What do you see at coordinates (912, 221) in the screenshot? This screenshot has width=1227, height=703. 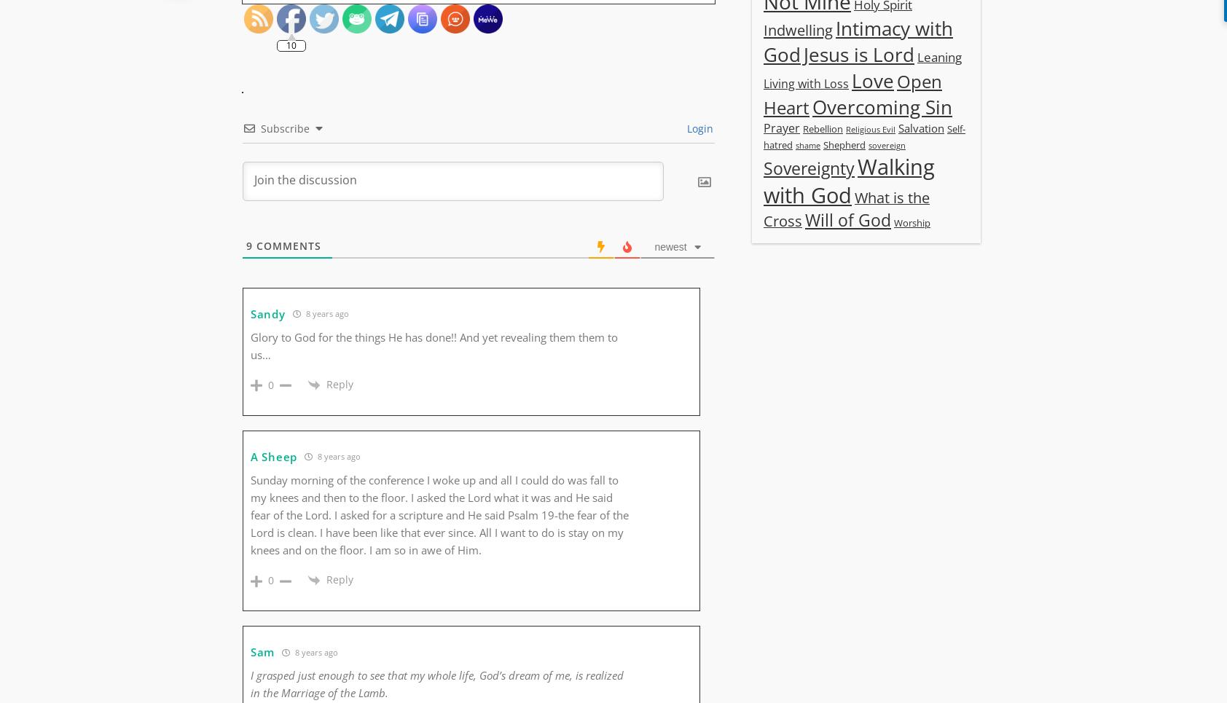 I see `'Worship'` at bounding box center [912, 221].